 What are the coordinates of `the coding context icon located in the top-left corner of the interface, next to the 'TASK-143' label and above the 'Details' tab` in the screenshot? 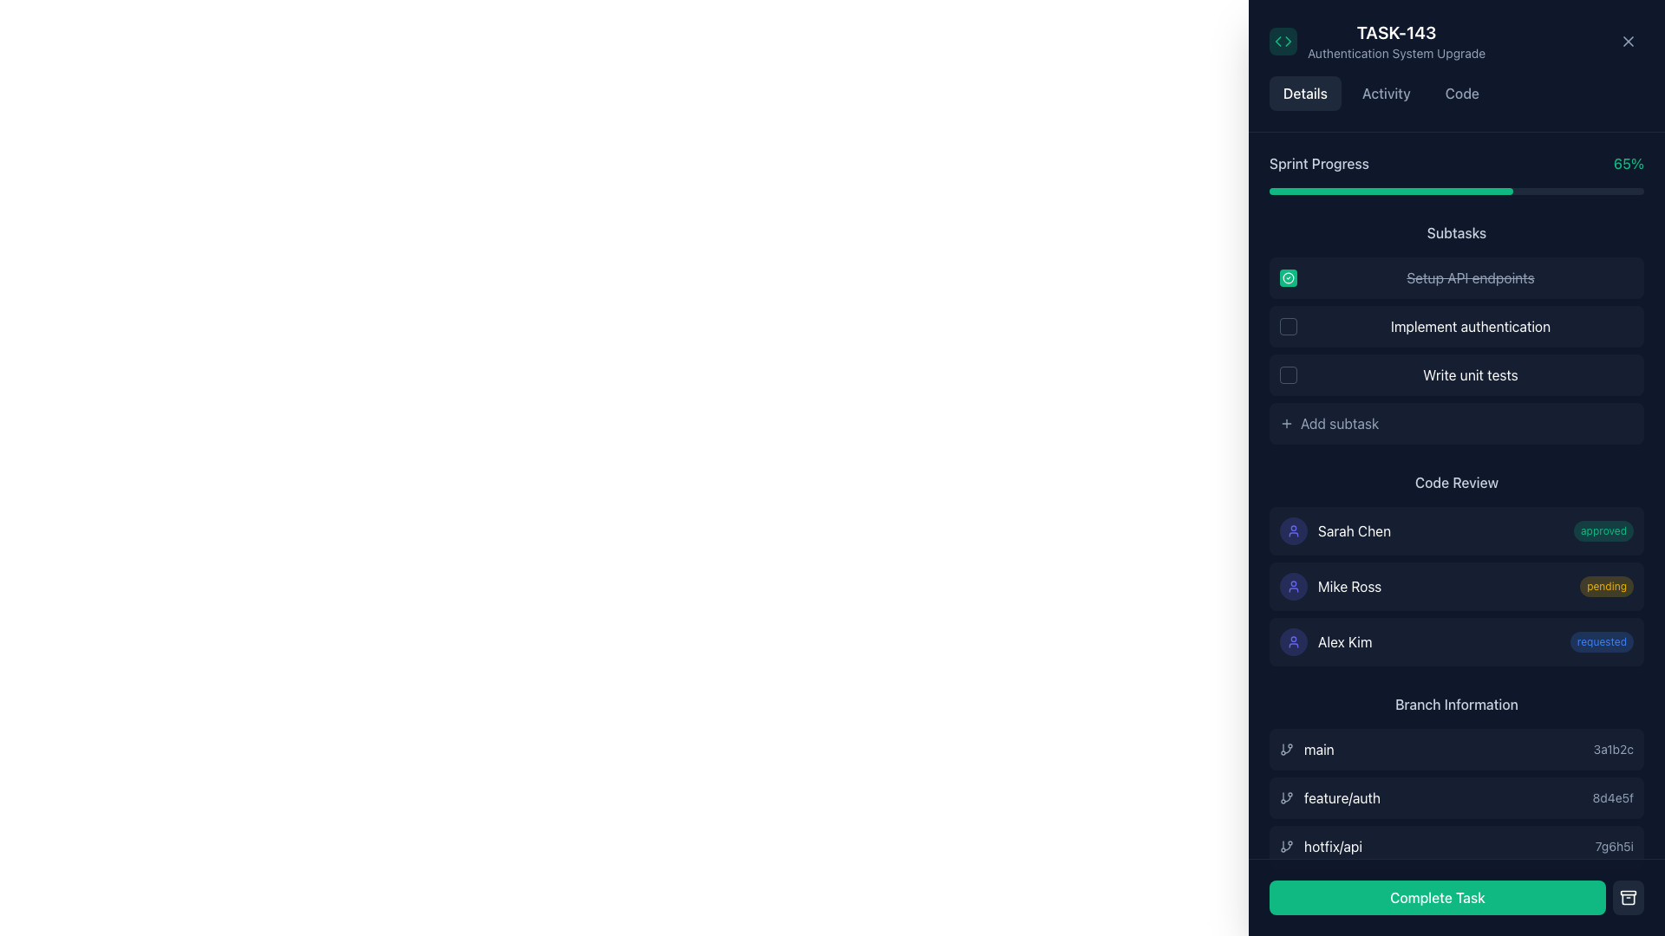 It's located at (1283, 40).